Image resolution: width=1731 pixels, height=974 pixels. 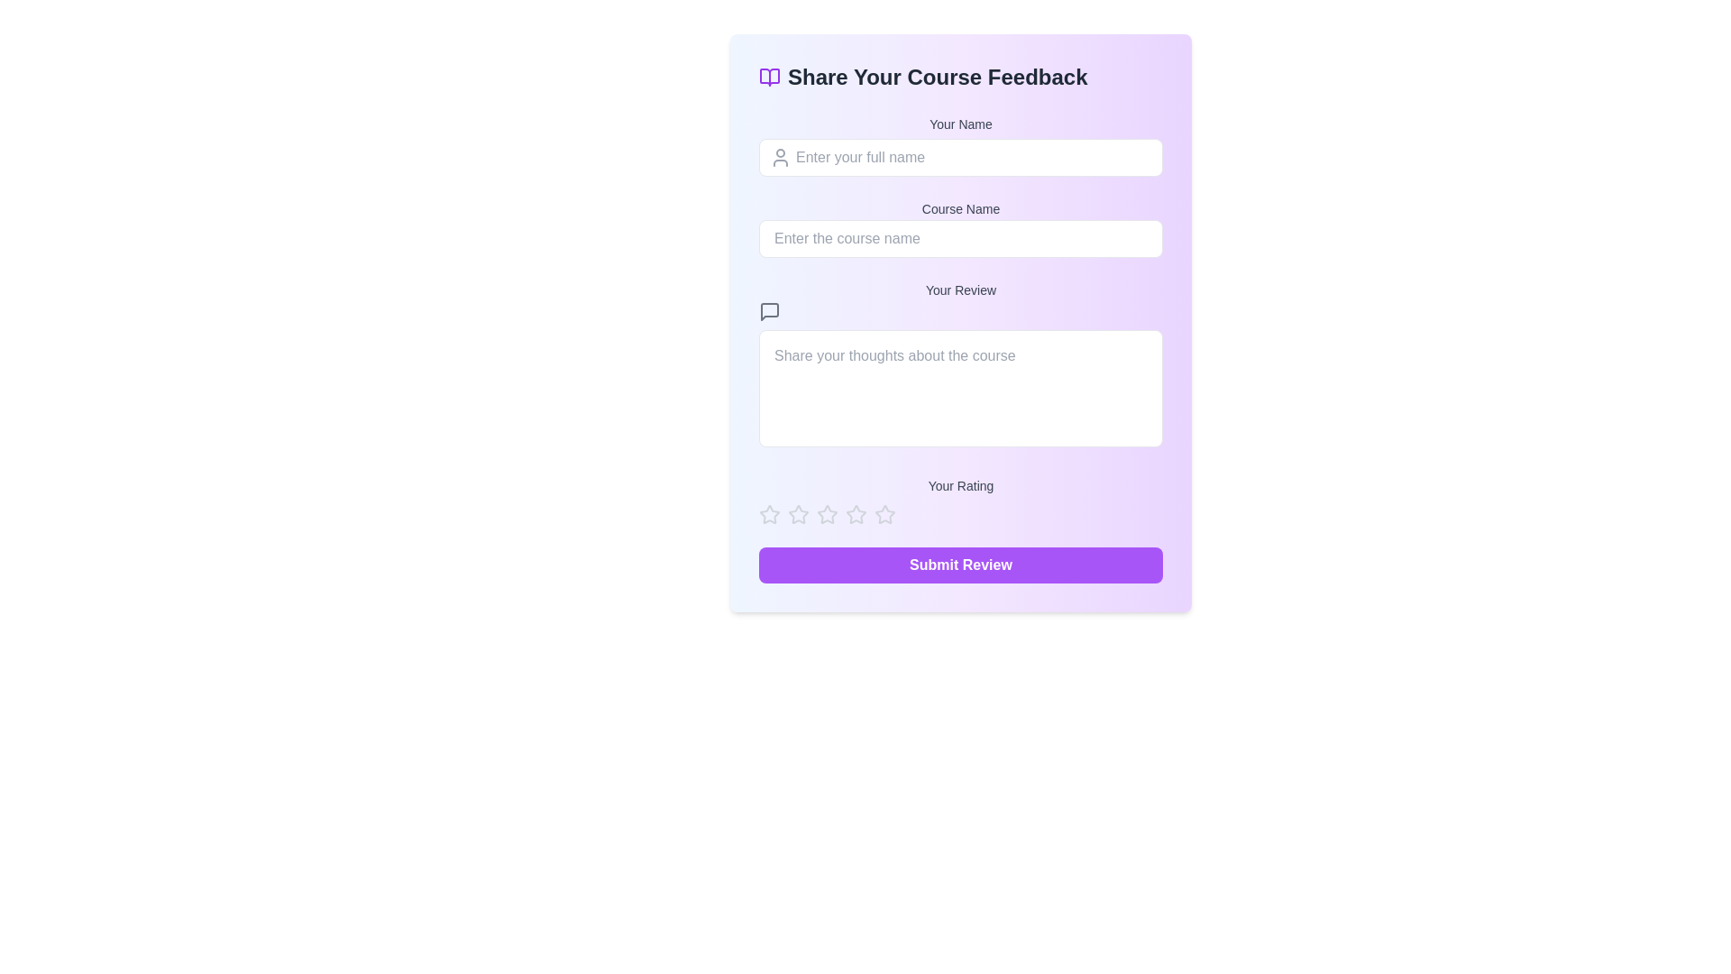 What do you see at coordinates (770, 311) in the screenshot?
I see `the decorative icon next to the 'Your Review' text field, which indicates user input or feedback` at bounding box center [770, 311].